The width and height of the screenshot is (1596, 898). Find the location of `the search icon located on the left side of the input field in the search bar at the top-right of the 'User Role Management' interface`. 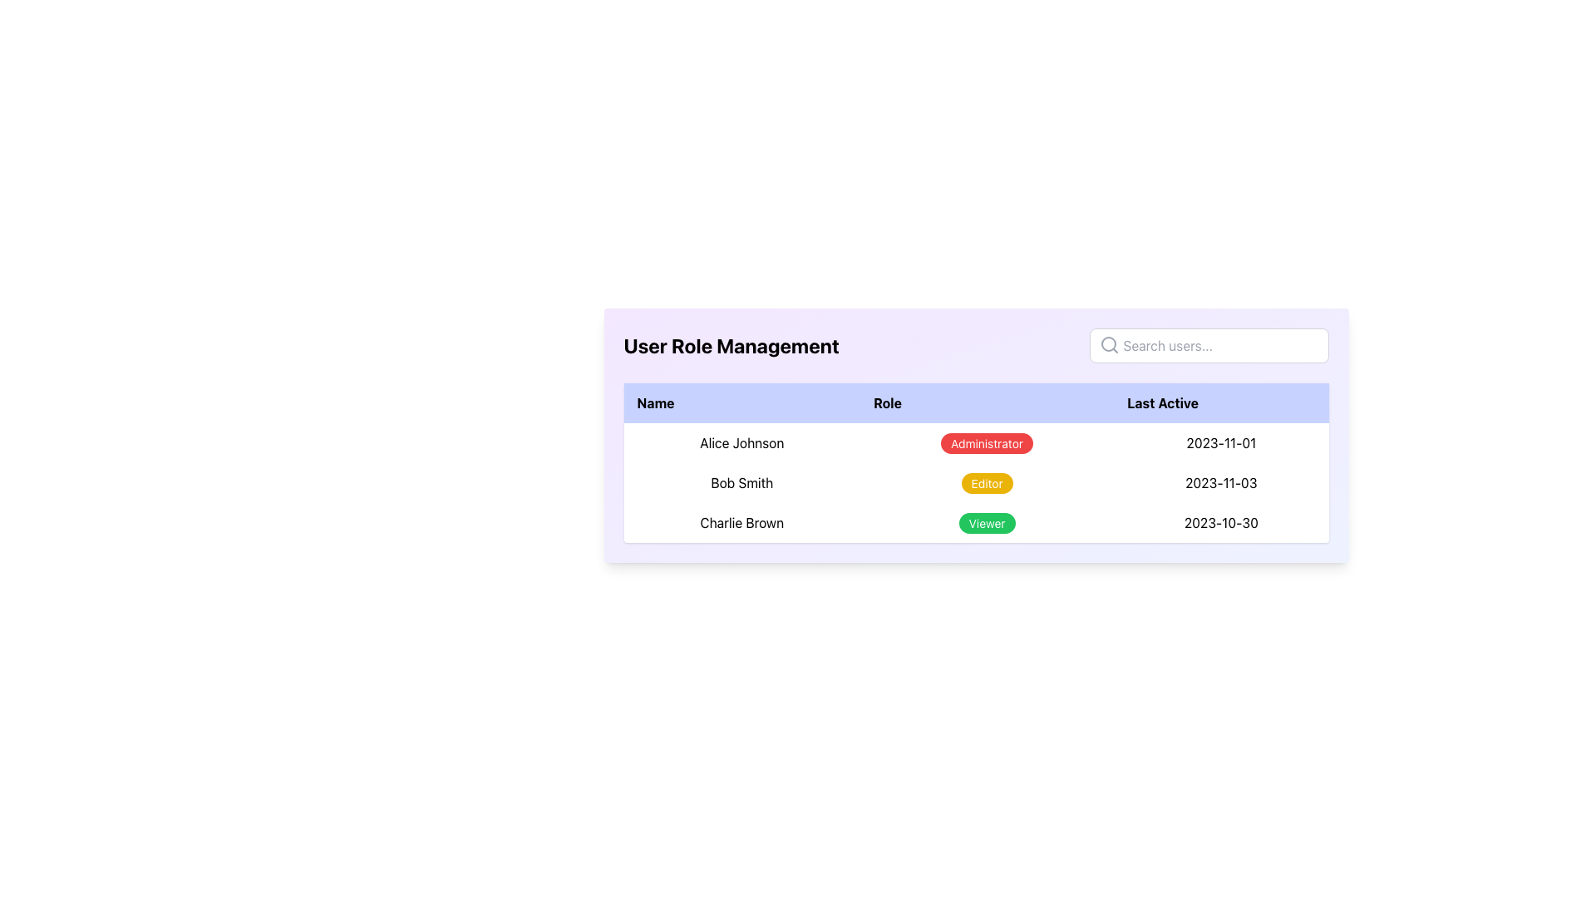

the search icon located on the left side of the input field in the search bar at the top-right of the 'User Role Management' interface is located at coordinates (1109, 344).